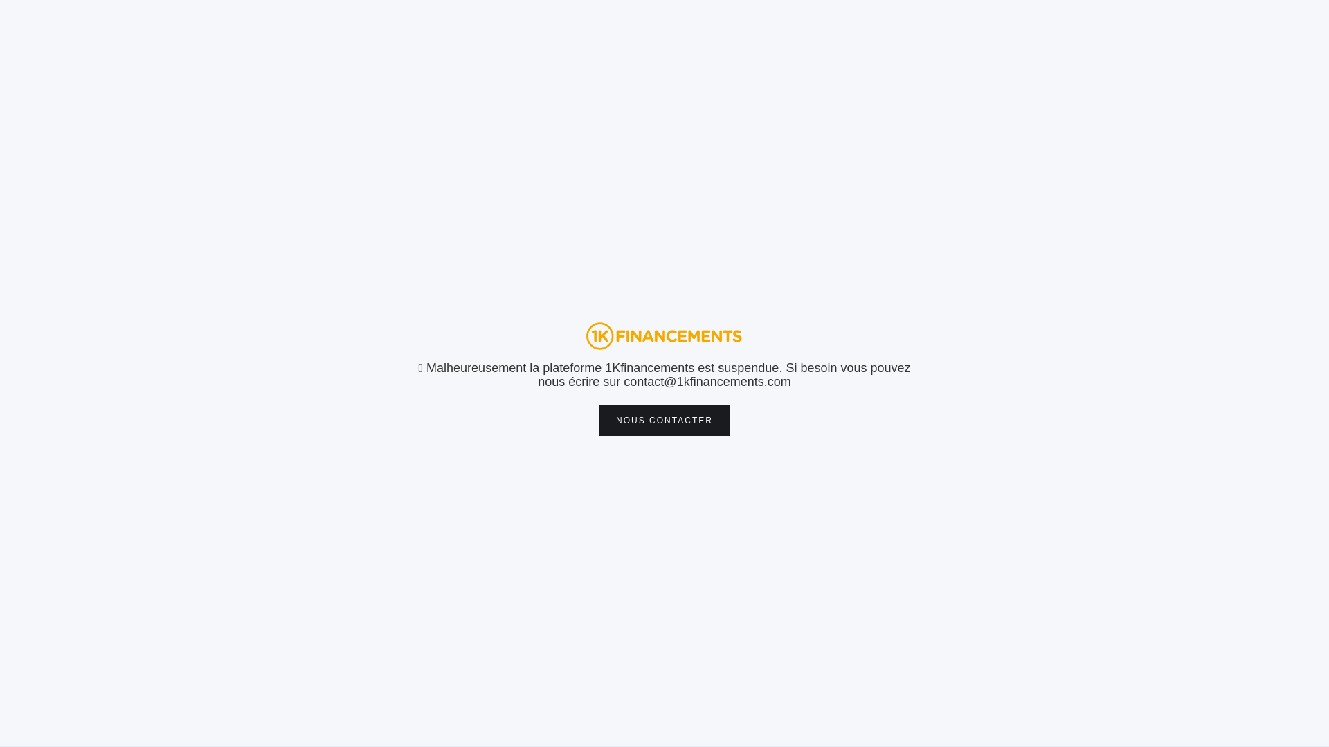 The height and width of the screenshot is (747, 1329). I want to click on 'NOUS CONTACTER', so click(664, 420).